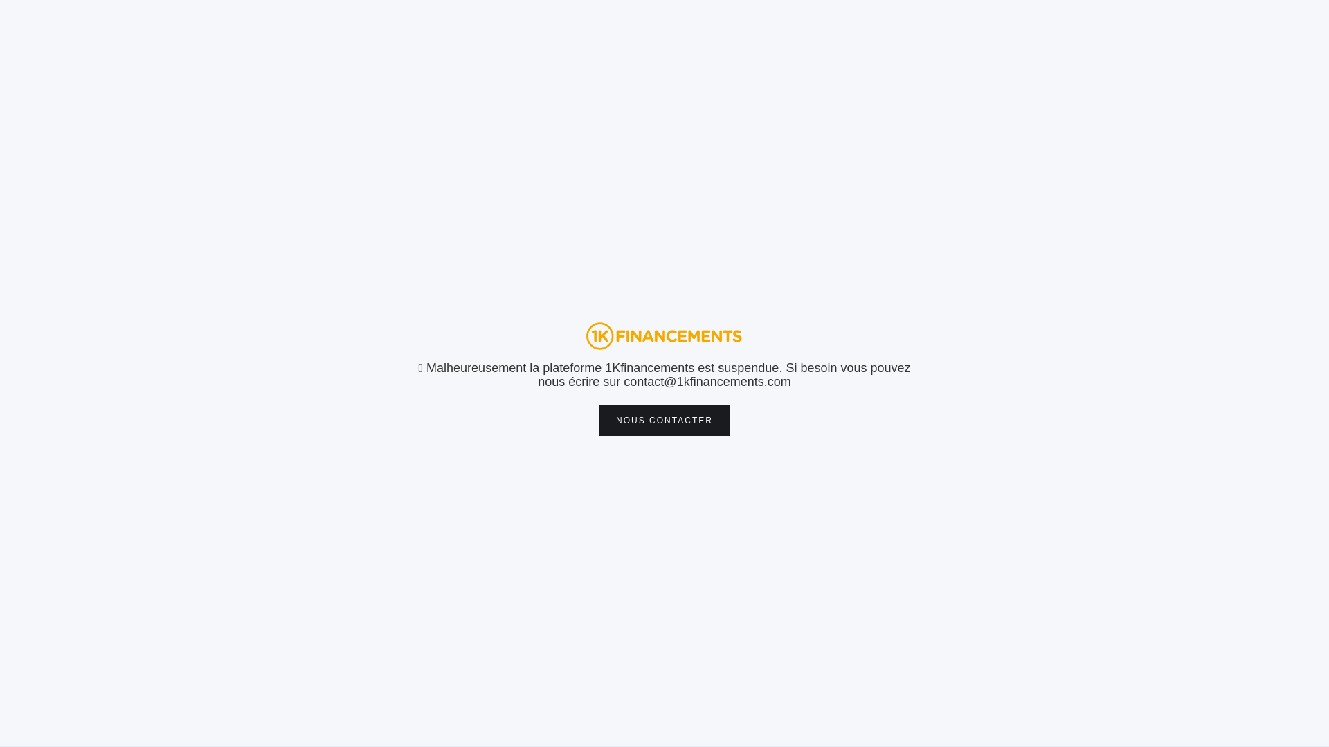 The height and width of the screenshot is (747, 1329). I want to click on 'NOUS CONTACTER', so click(664, 420).